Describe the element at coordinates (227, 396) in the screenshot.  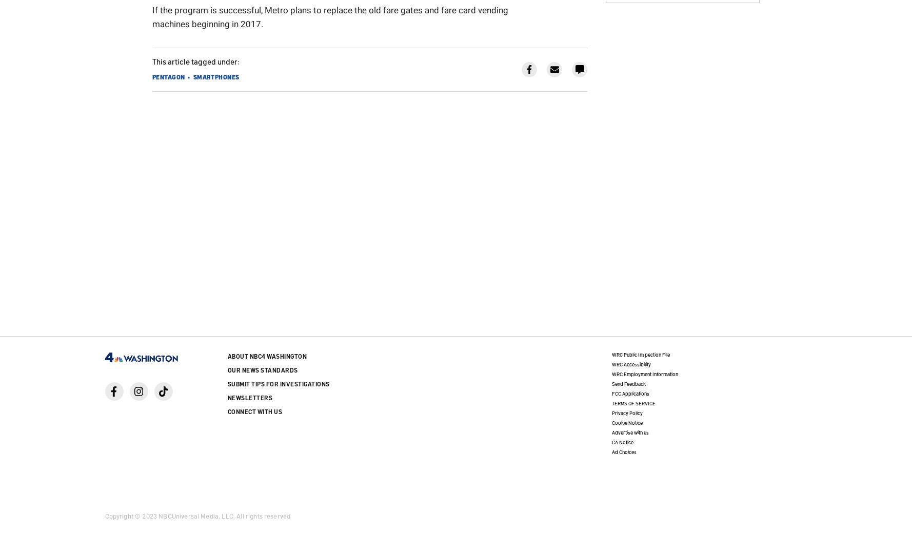
I see `'Newsletters'` at that location.